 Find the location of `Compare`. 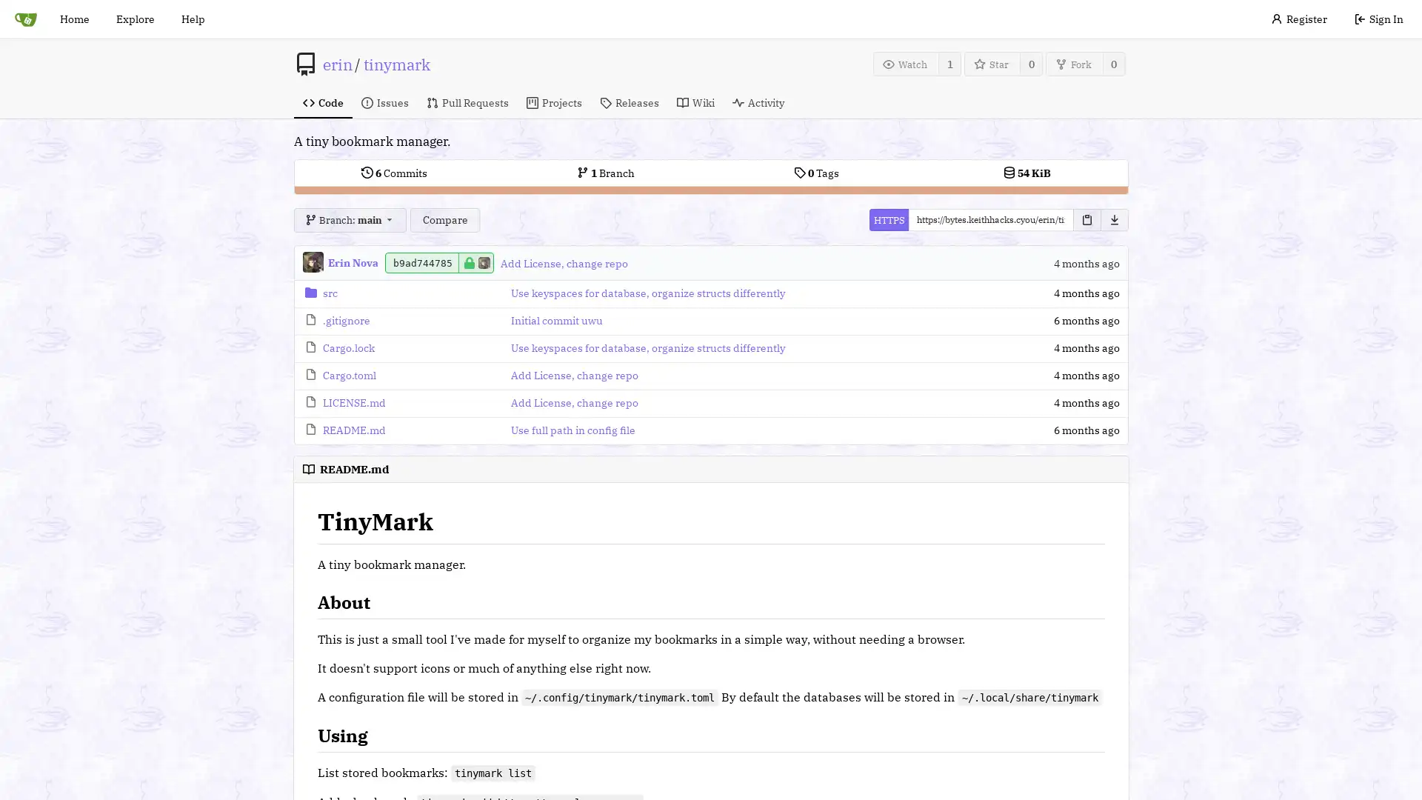

Compare is located at coordinates (444, 220).